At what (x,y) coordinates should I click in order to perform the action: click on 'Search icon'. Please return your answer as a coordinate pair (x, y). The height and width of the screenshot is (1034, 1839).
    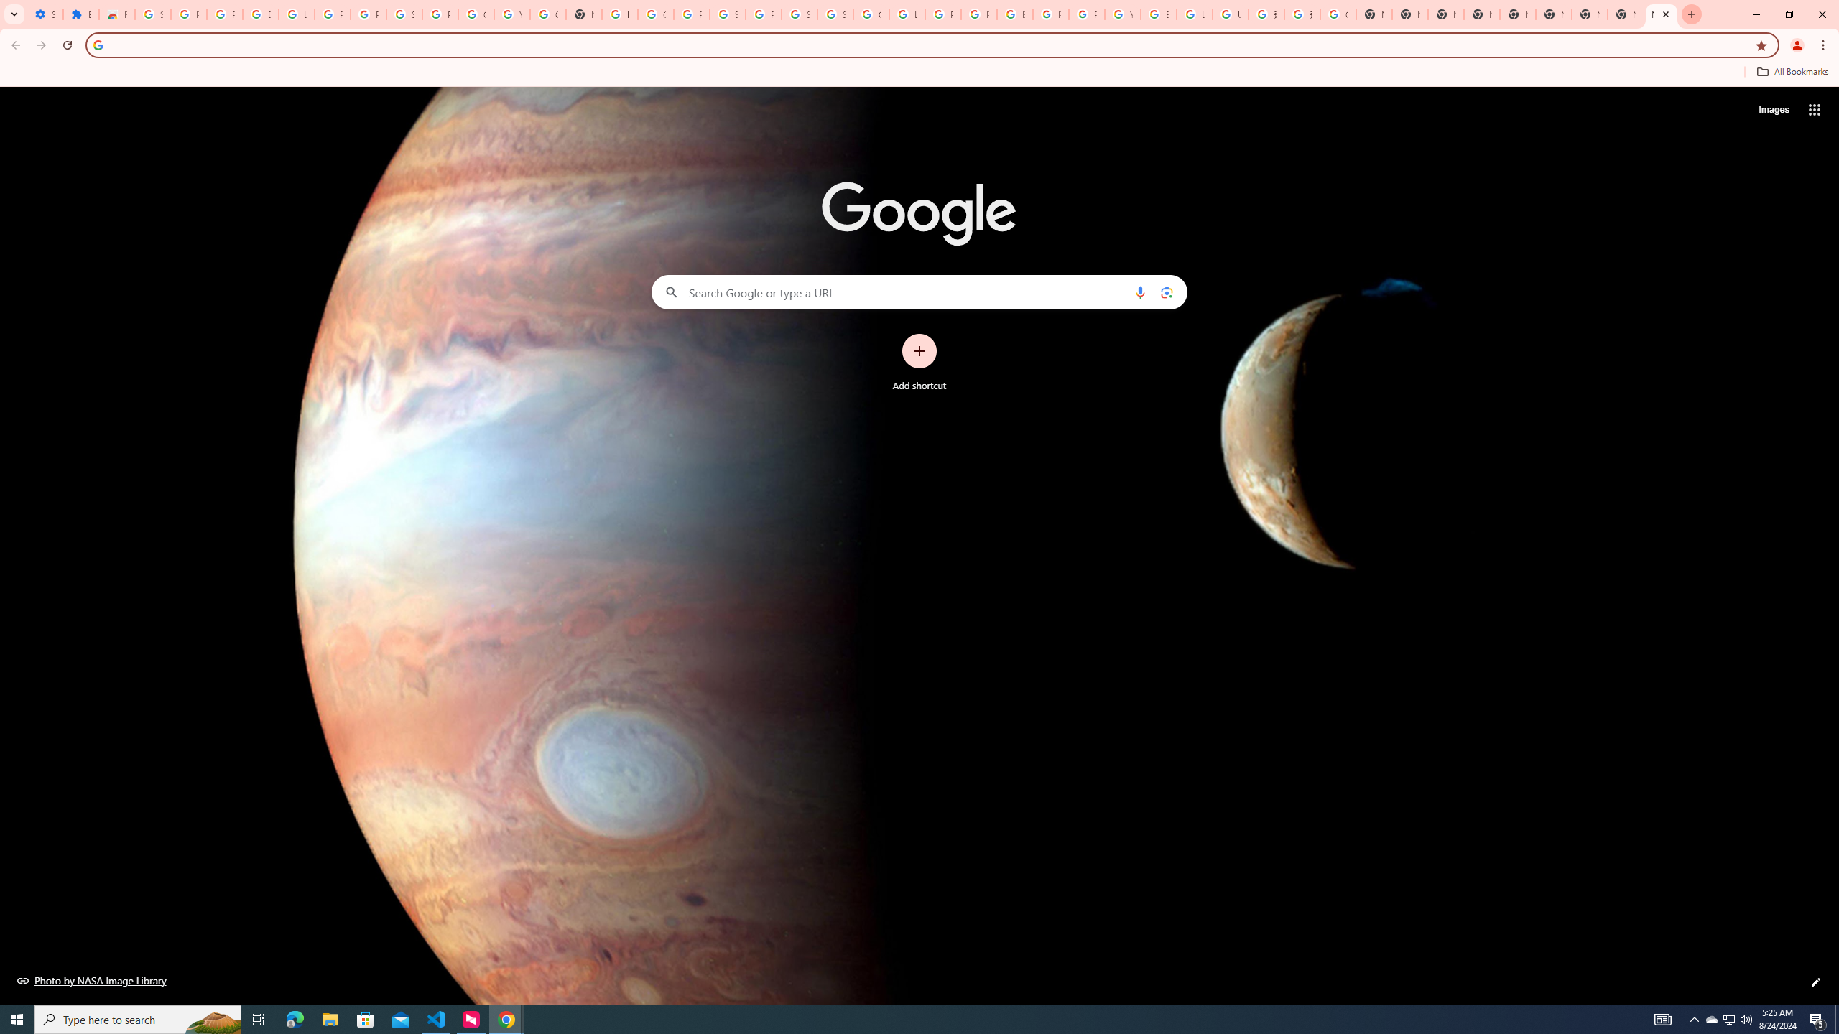
    Looking at the image, I should click on (97, 44).